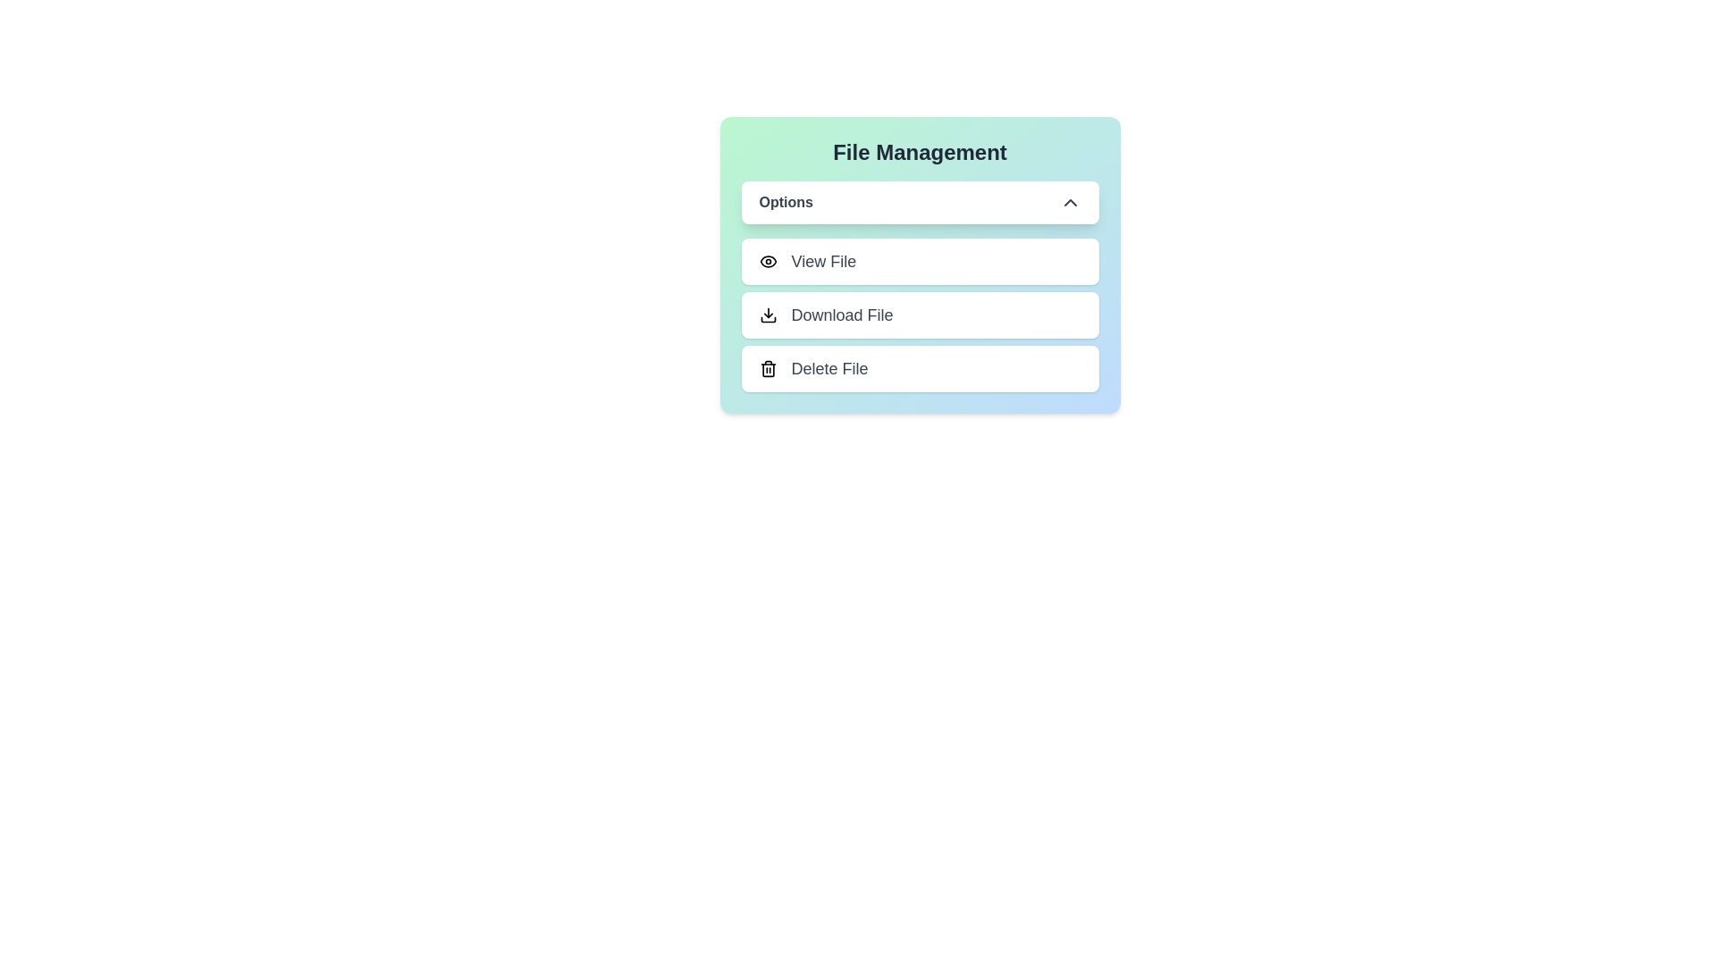 The width and height of the screenshot is (1716, 965). Describe the element at coordinates (768, 315) in the screenshot. I see `the icon next to the menu option Download File` at that location.